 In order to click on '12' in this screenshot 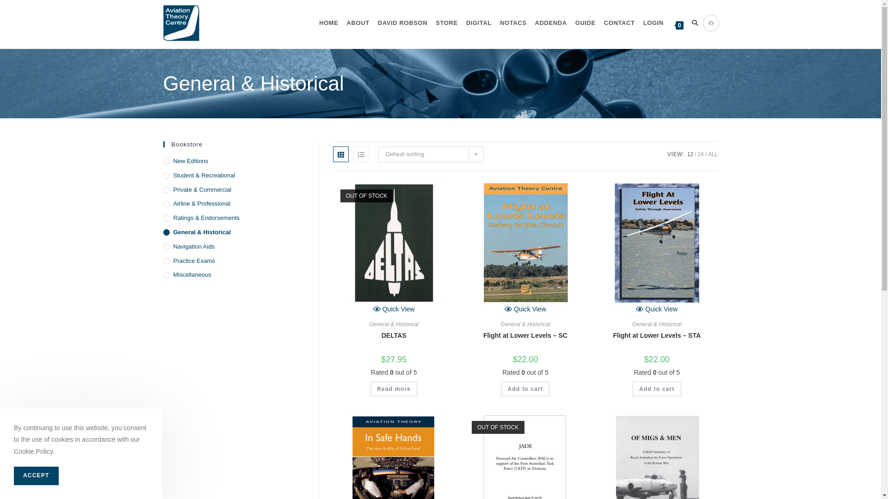, I will do `click(690, 154)`.